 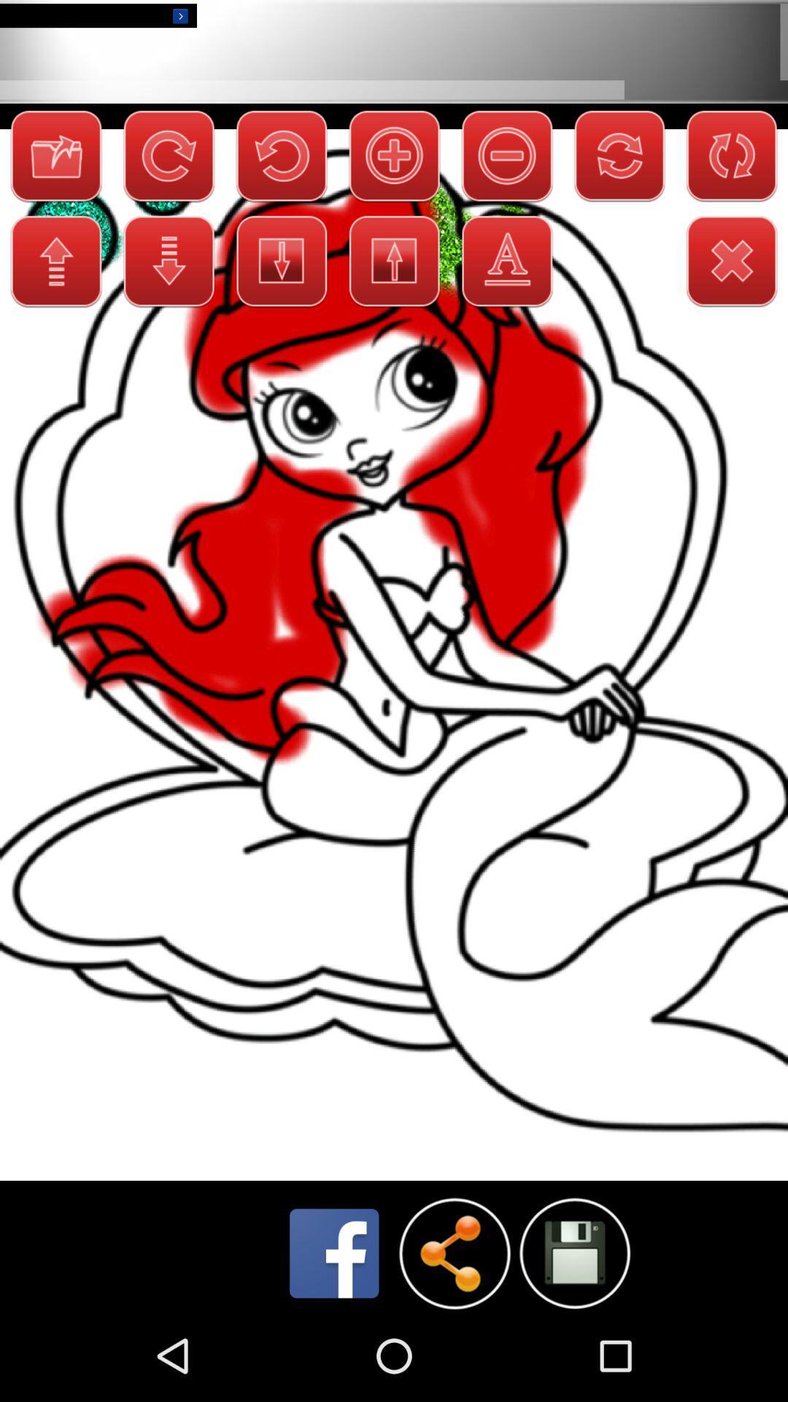 I want to click on search, so click(x=573, y=1252).